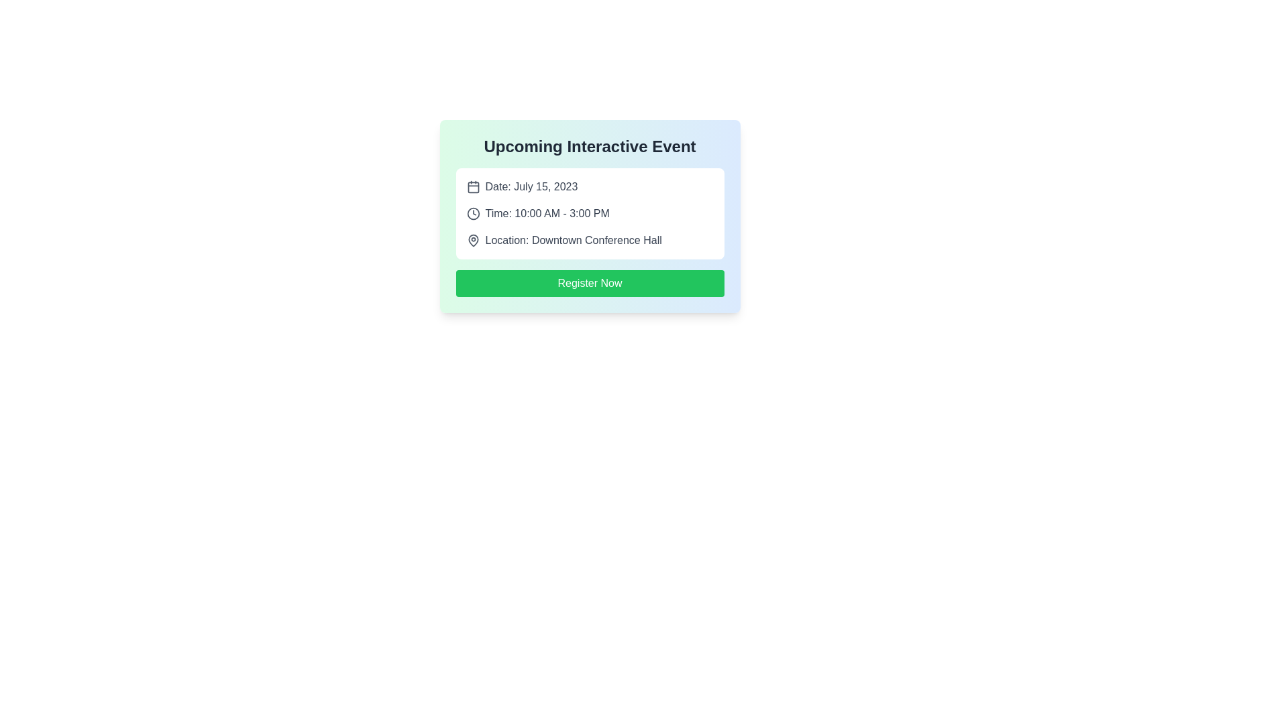  I want to click on the outer circular outline of the clock SVG icon, which is located left of the 'Time' label and adjacent to the time text, so click(473, 213).